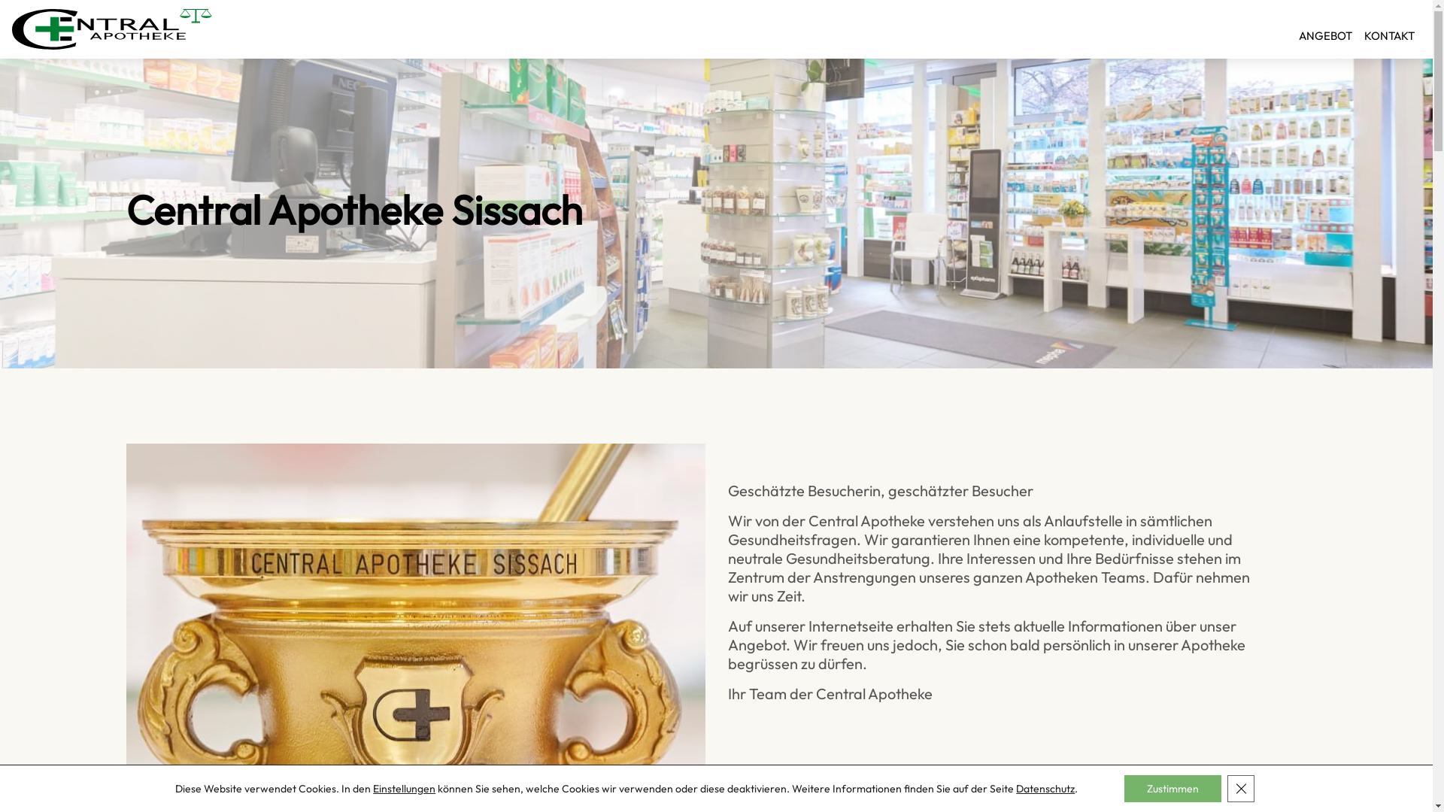 The image size is (1444, 812). I want to click on 'ANGEBOT', so click(1325, 29).